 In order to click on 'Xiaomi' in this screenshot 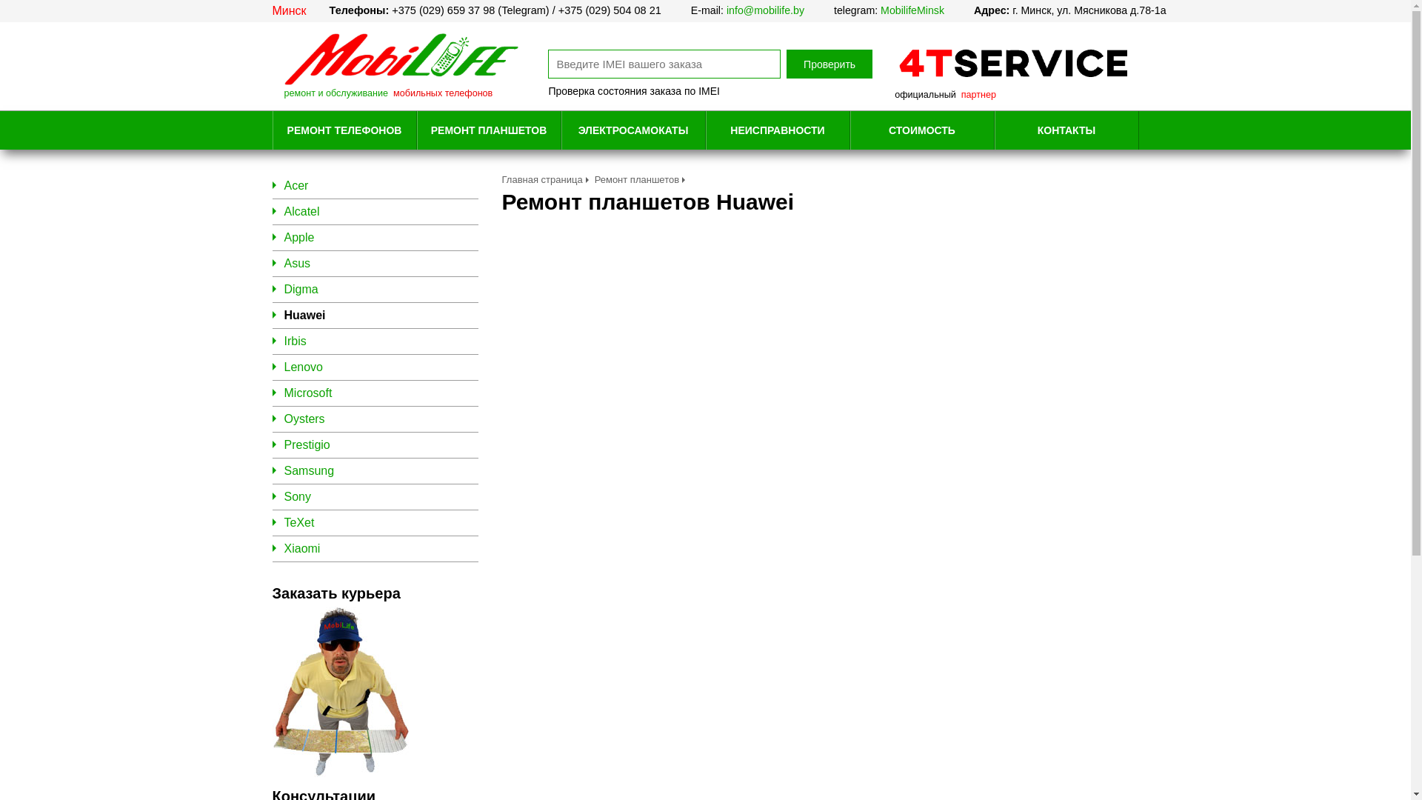, I will do `click(301, 548)`.